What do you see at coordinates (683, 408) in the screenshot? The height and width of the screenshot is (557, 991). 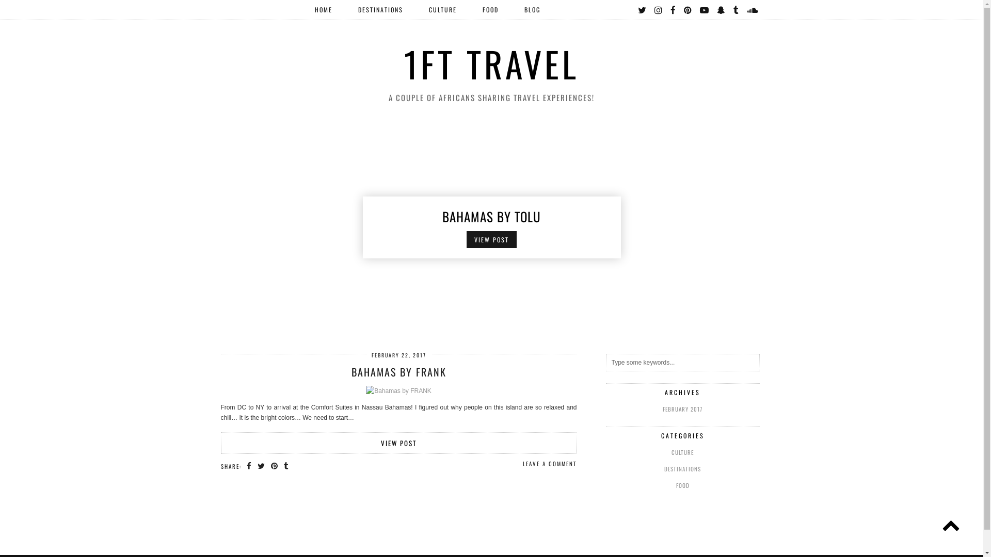 I see `'FEBRUARY 2017'` at bounding box center [683, 408].